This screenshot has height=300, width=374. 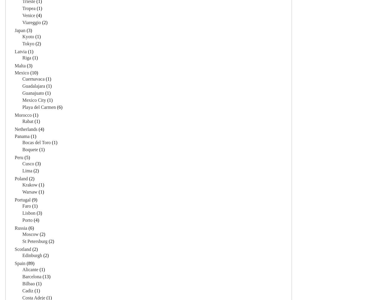 I want to click on 'Riga', so click(x=27, y=57).